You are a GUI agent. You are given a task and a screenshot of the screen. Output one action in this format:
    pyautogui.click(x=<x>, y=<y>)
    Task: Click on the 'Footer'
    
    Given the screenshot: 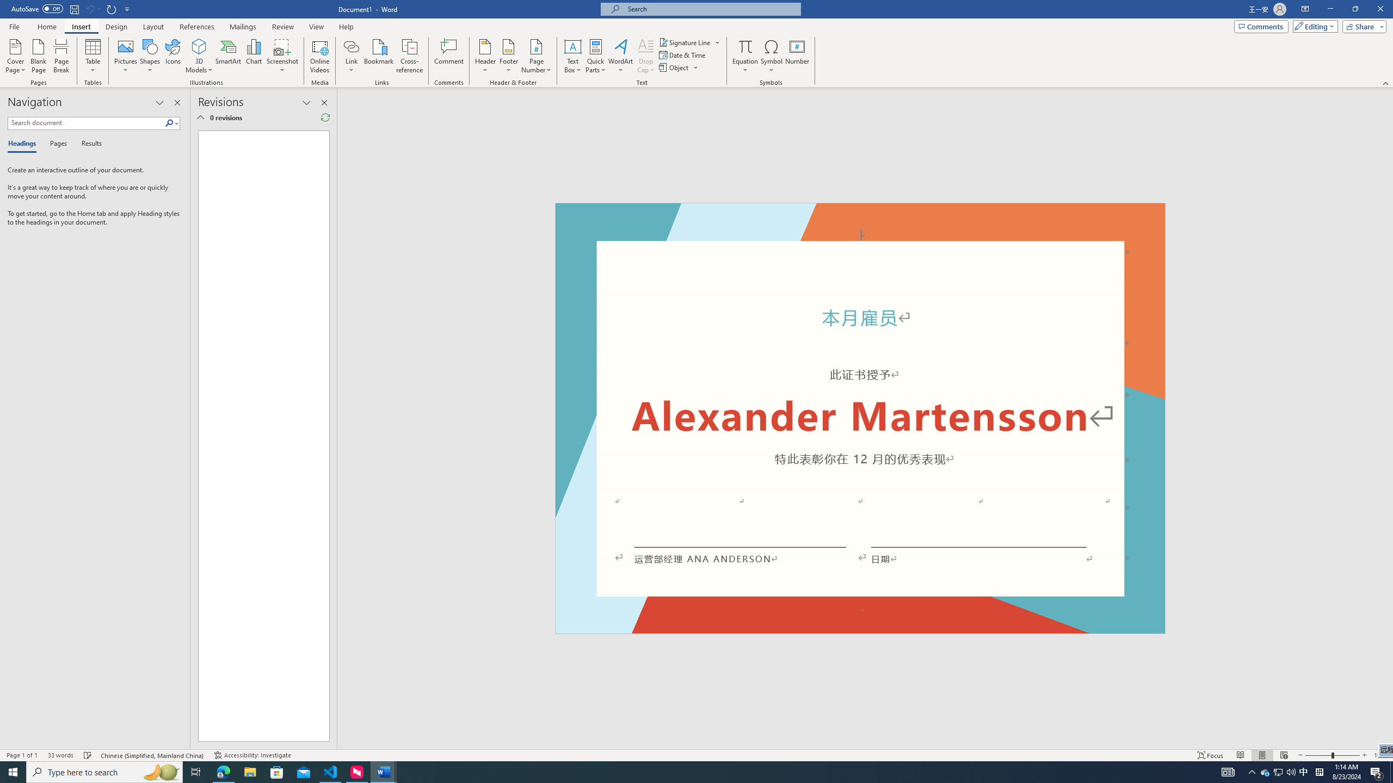 What is the action you would take?
    pyautogui.click(x=508, y=56)
    